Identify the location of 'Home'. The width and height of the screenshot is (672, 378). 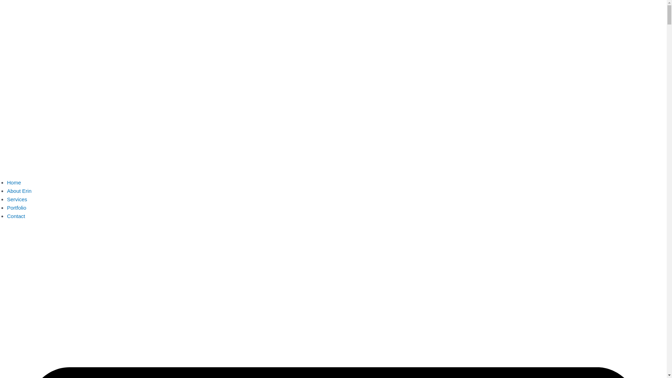
(14, 182).